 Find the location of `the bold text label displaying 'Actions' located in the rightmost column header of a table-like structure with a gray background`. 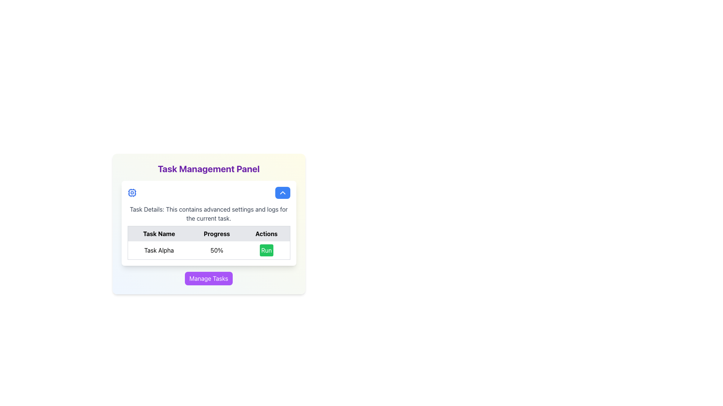

the bold text label displaying 'Actions' located in the rightmost column header of a table-like structure with a gray background is located at coordinates (267, 233).